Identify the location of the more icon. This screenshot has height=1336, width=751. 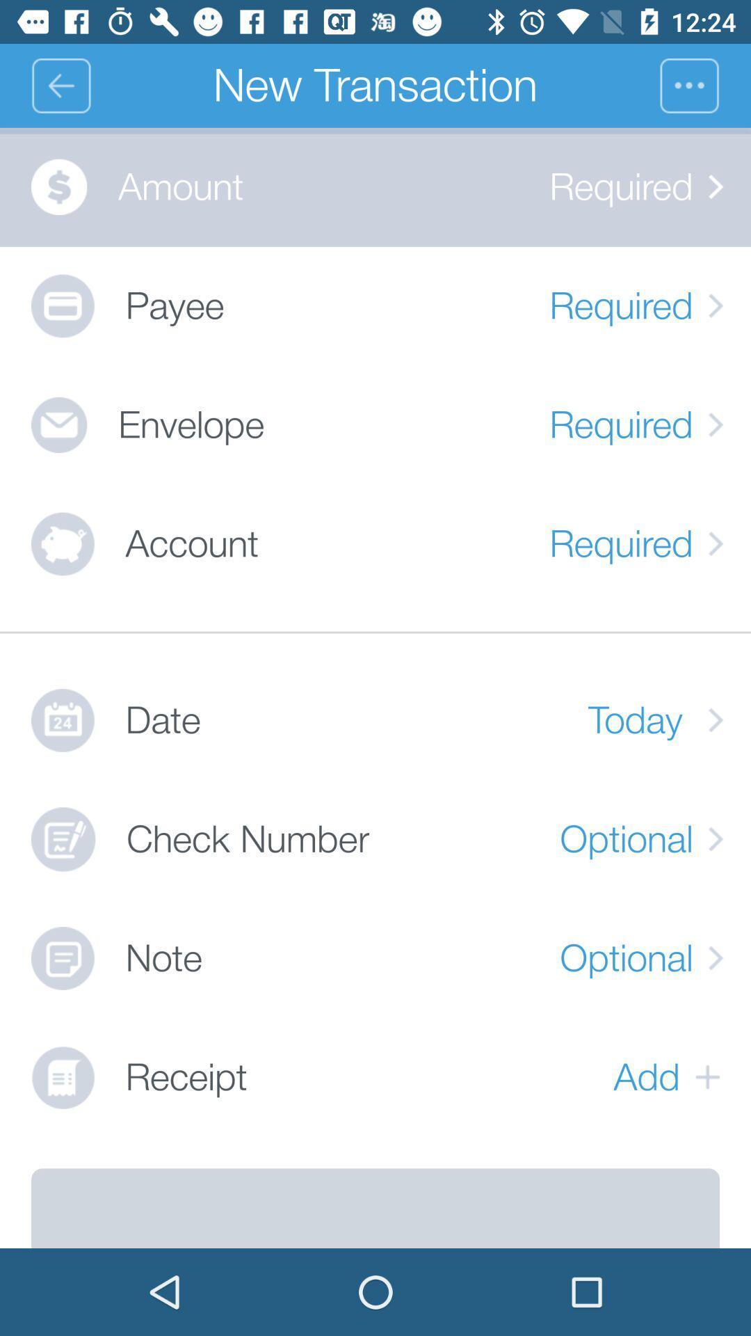
(705, 85).